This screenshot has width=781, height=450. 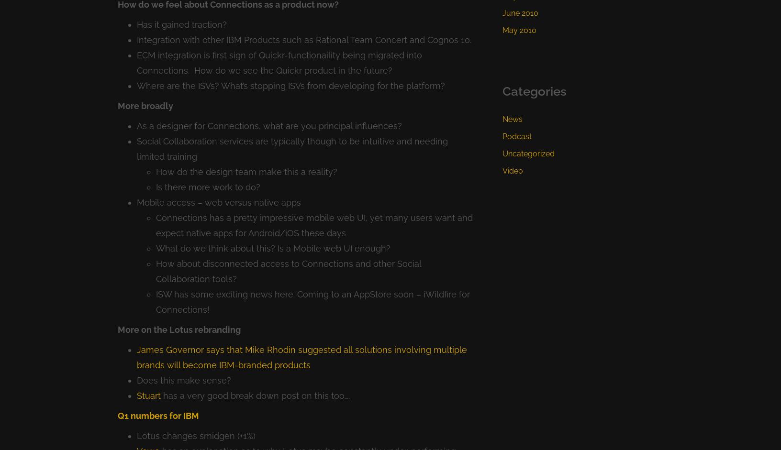 I want to click on 'Q1 numbers for IBM', so click(x=158, y=415).